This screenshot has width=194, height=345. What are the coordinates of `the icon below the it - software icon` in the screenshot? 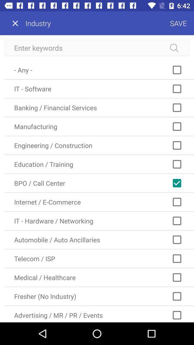 It's located at (99, 107).